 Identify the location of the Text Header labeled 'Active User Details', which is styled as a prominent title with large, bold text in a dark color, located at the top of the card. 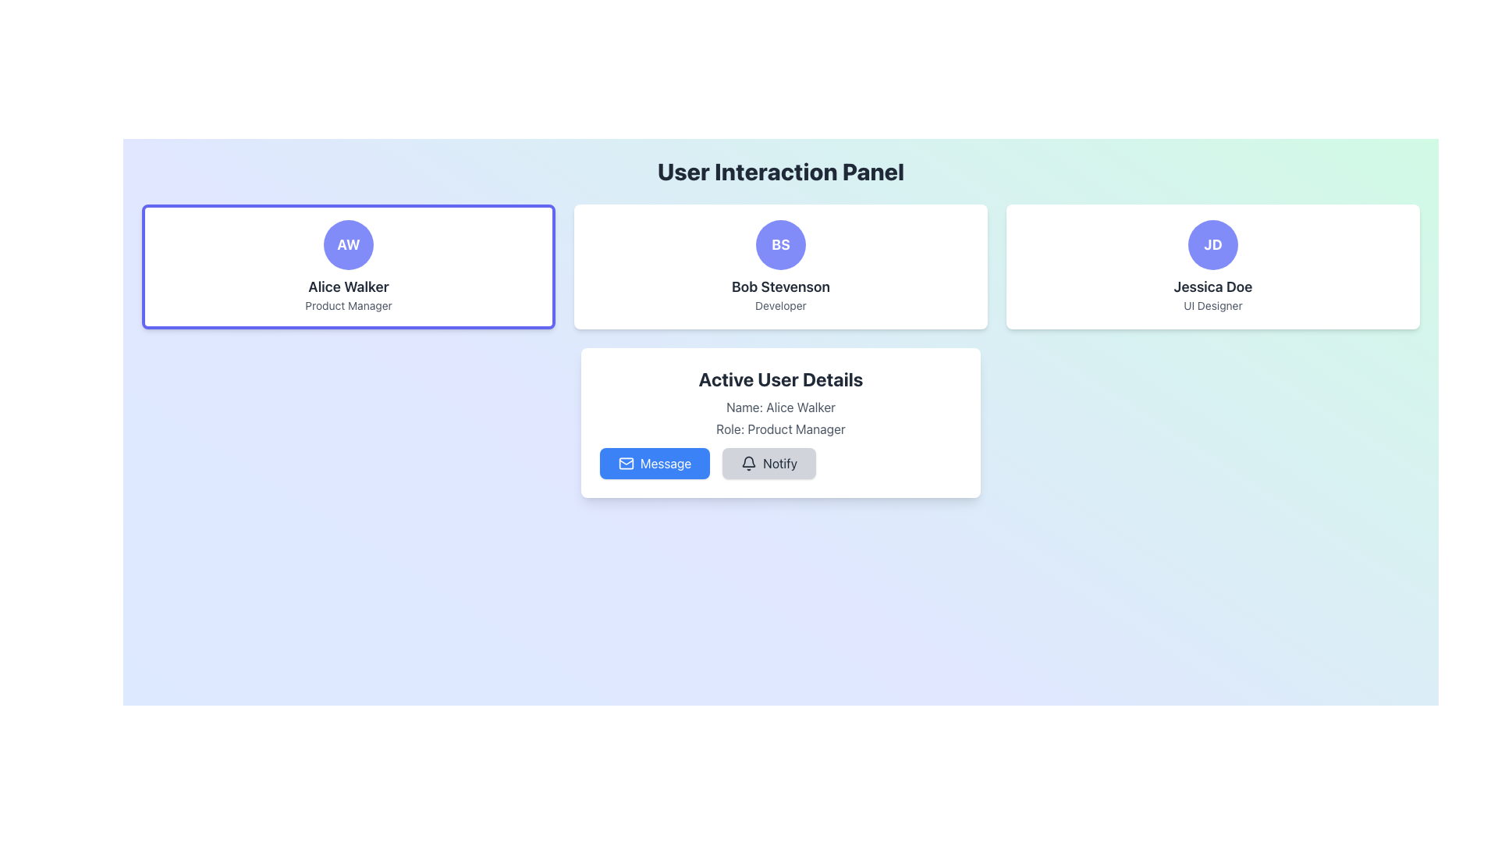
(781, 379).